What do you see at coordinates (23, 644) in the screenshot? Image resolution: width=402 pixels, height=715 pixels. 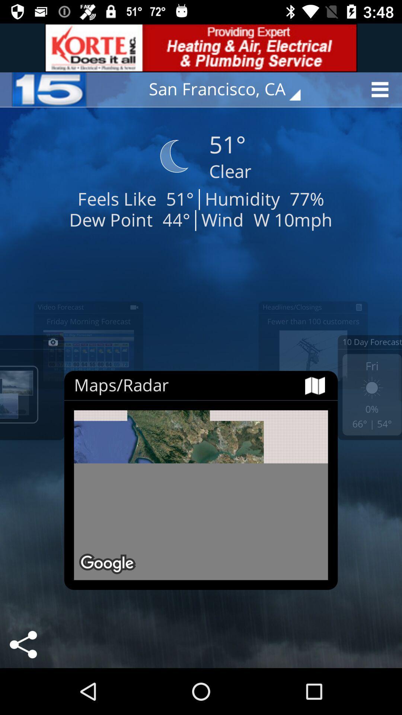 I see `the share icon` at bounding box center [23, 644].